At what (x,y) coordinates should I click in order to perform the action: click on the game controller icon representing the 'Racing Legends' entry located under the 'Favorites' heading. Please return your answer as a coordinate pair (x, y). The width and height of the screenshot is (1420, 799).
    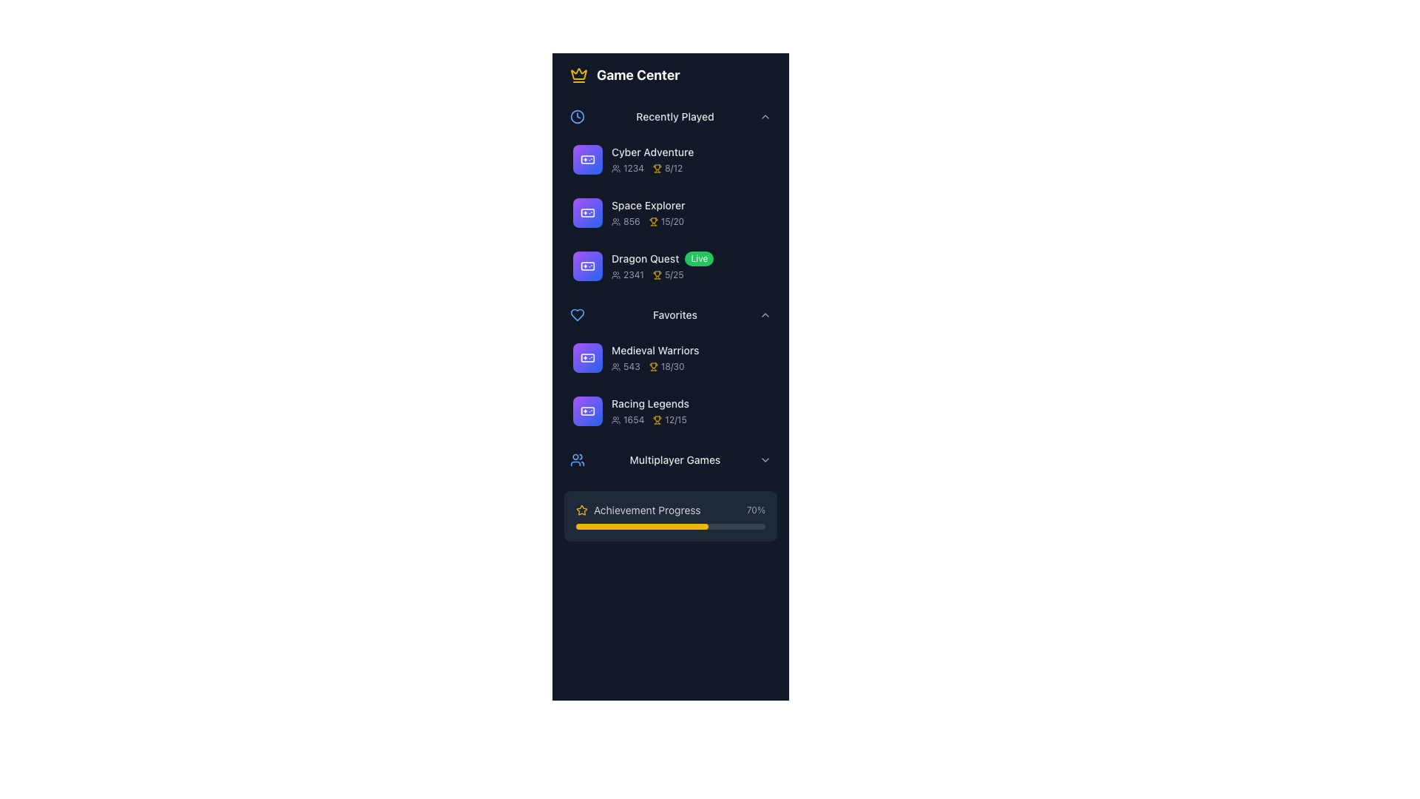
    Looking at the image, I should click on (587, 411).